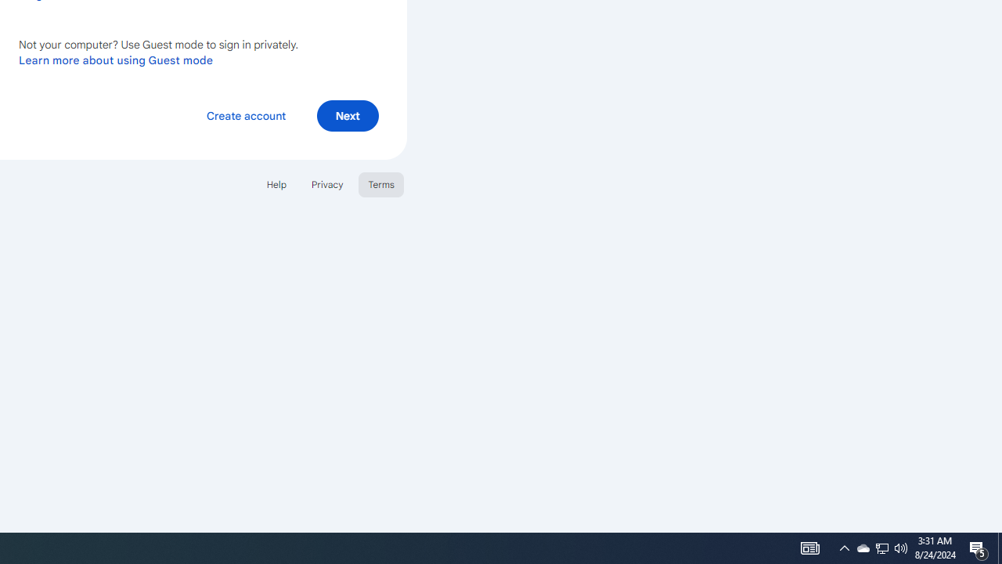  What do you see at coordinates (326, 183) in the screenshot?
I see `'Privacy'` at bounding box center [326, 183].